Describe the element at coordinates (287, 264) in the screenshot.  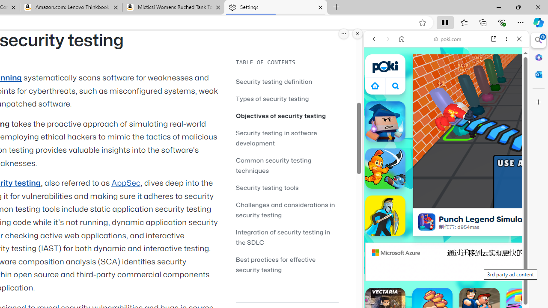
I see `'Best practices for effective security testing'` at that location.